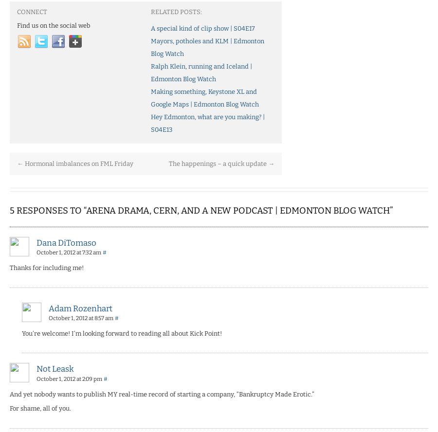  What do you see at coordinates (36, 368) in the screenshot?
I see `'Not Leask'` at bounding box center [36, 368].